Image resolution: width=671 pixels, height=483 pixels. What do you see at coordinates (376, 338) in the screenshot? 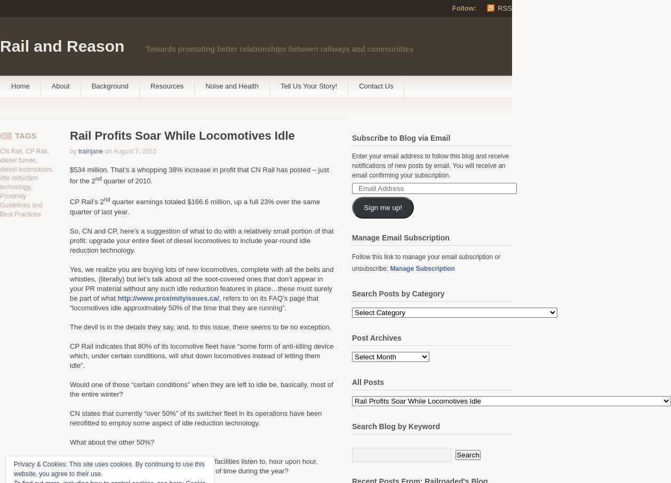
I see `'Post Archives'` at bounding box center [376, 338].